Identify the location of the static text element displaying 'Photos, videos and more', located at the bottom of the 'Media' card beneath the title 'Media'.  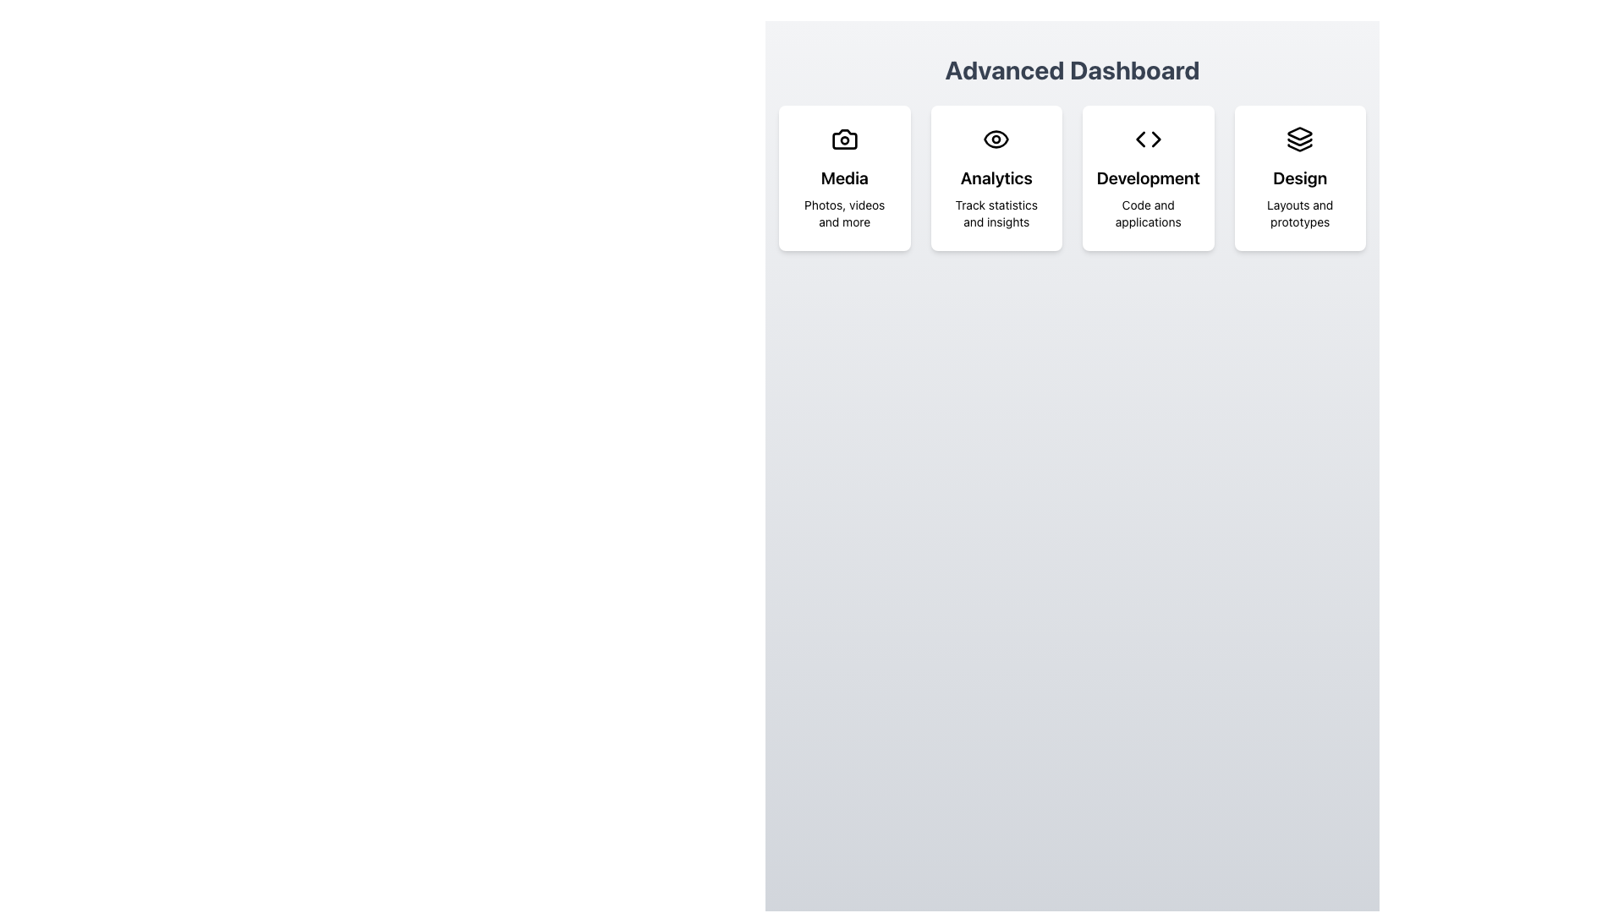
(844, 213).